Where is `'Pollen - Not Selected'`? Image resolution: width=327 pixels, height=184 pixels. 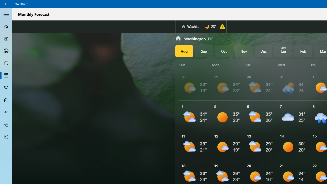 'Pollen - Not Selected' is located at coordinates (6, 87).